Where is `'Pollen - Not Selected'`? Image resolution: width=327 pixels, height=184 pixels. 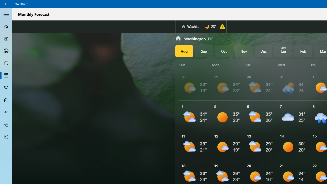 'Pollen - Not Selected' is located at coordinates (6, 87).